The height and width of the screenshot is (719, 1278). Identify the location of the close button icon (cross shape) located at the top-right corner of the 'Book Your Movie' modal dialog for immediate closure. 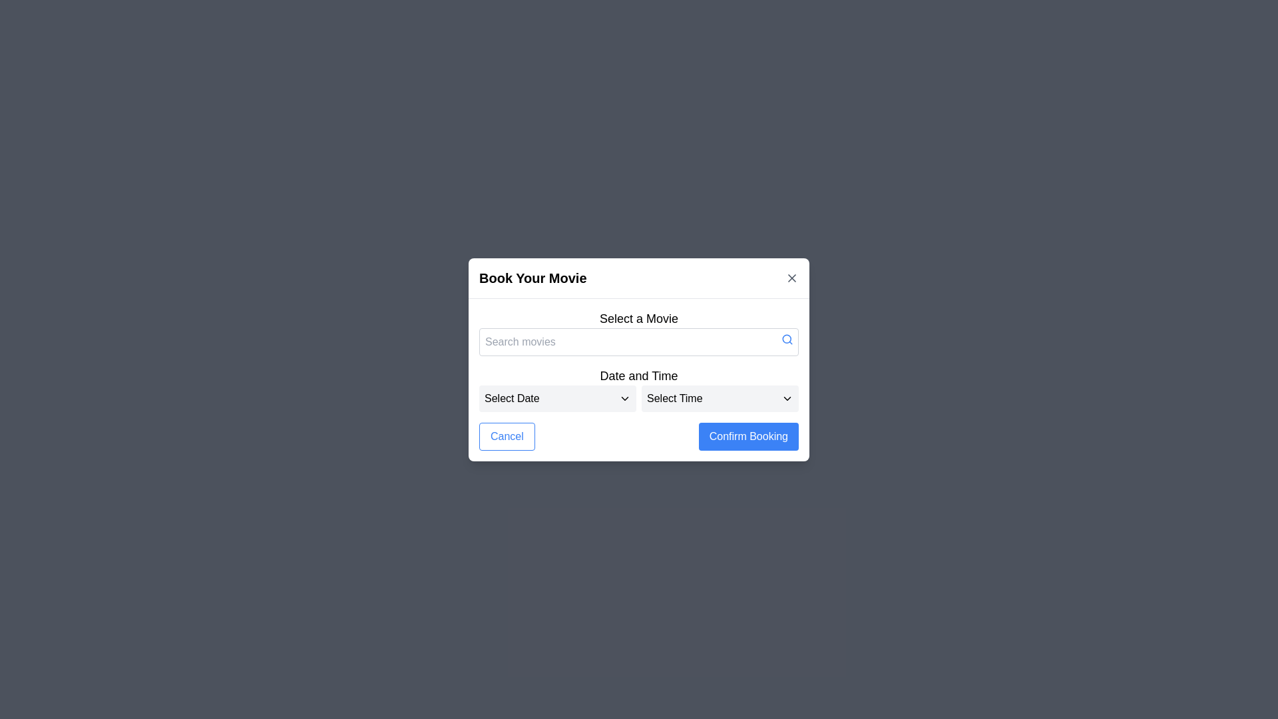
(792, 277).